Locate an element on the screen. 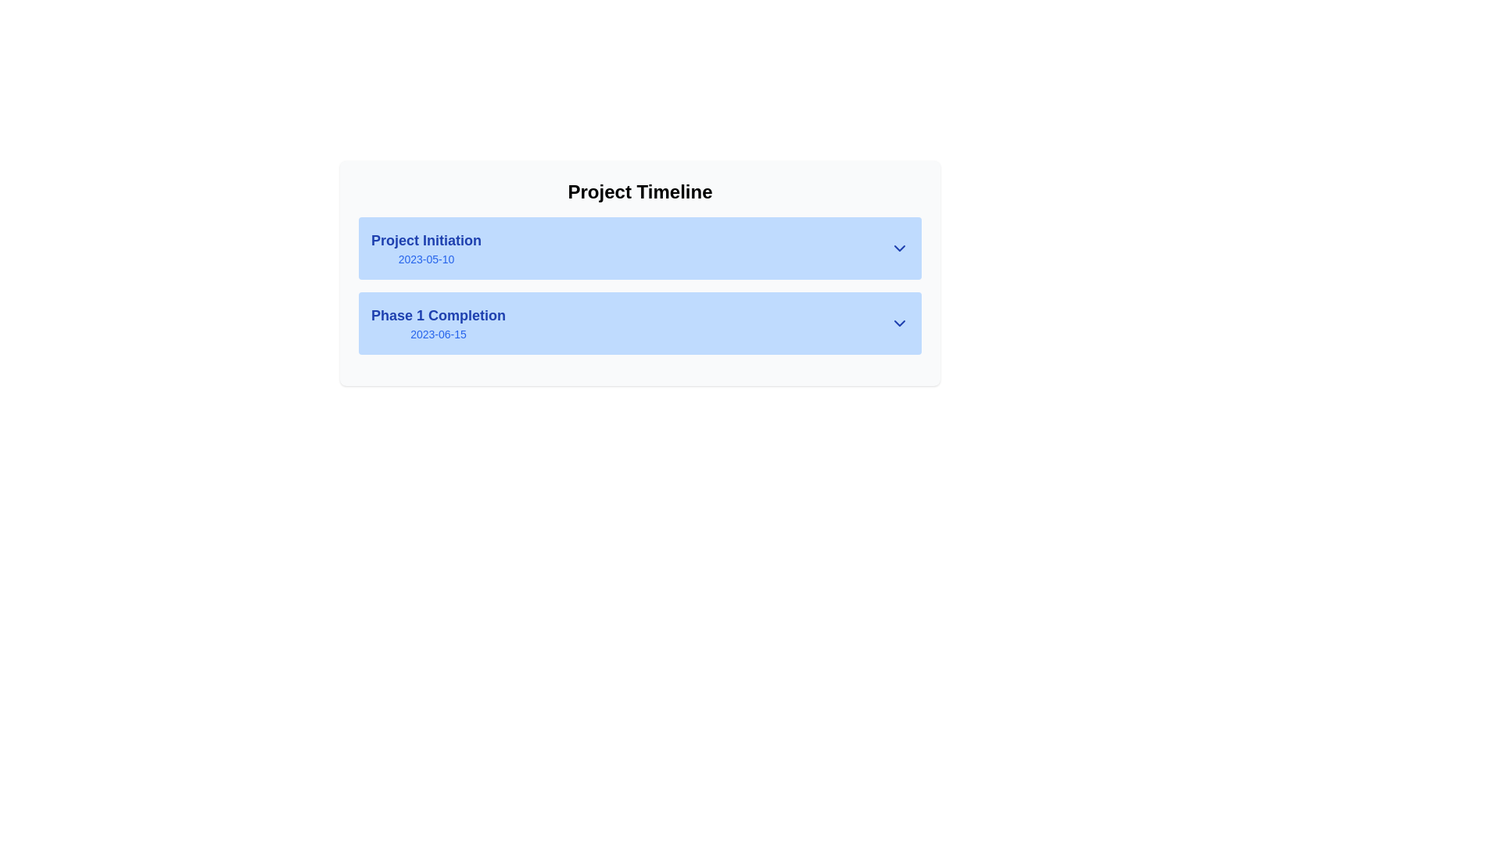  the expand/collapse icon located at the far-right end of the 'Phase 1 Completion 2023-06-15' row is located at coordinates (900, 322).